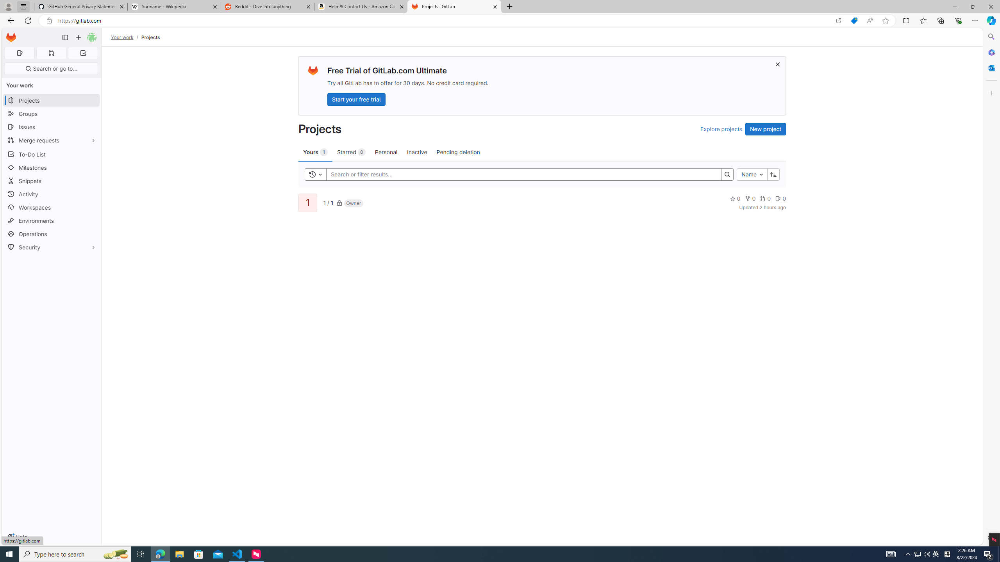 The image size is (1000, 562). I want to click on 'To-Do List', so click(51, 154).